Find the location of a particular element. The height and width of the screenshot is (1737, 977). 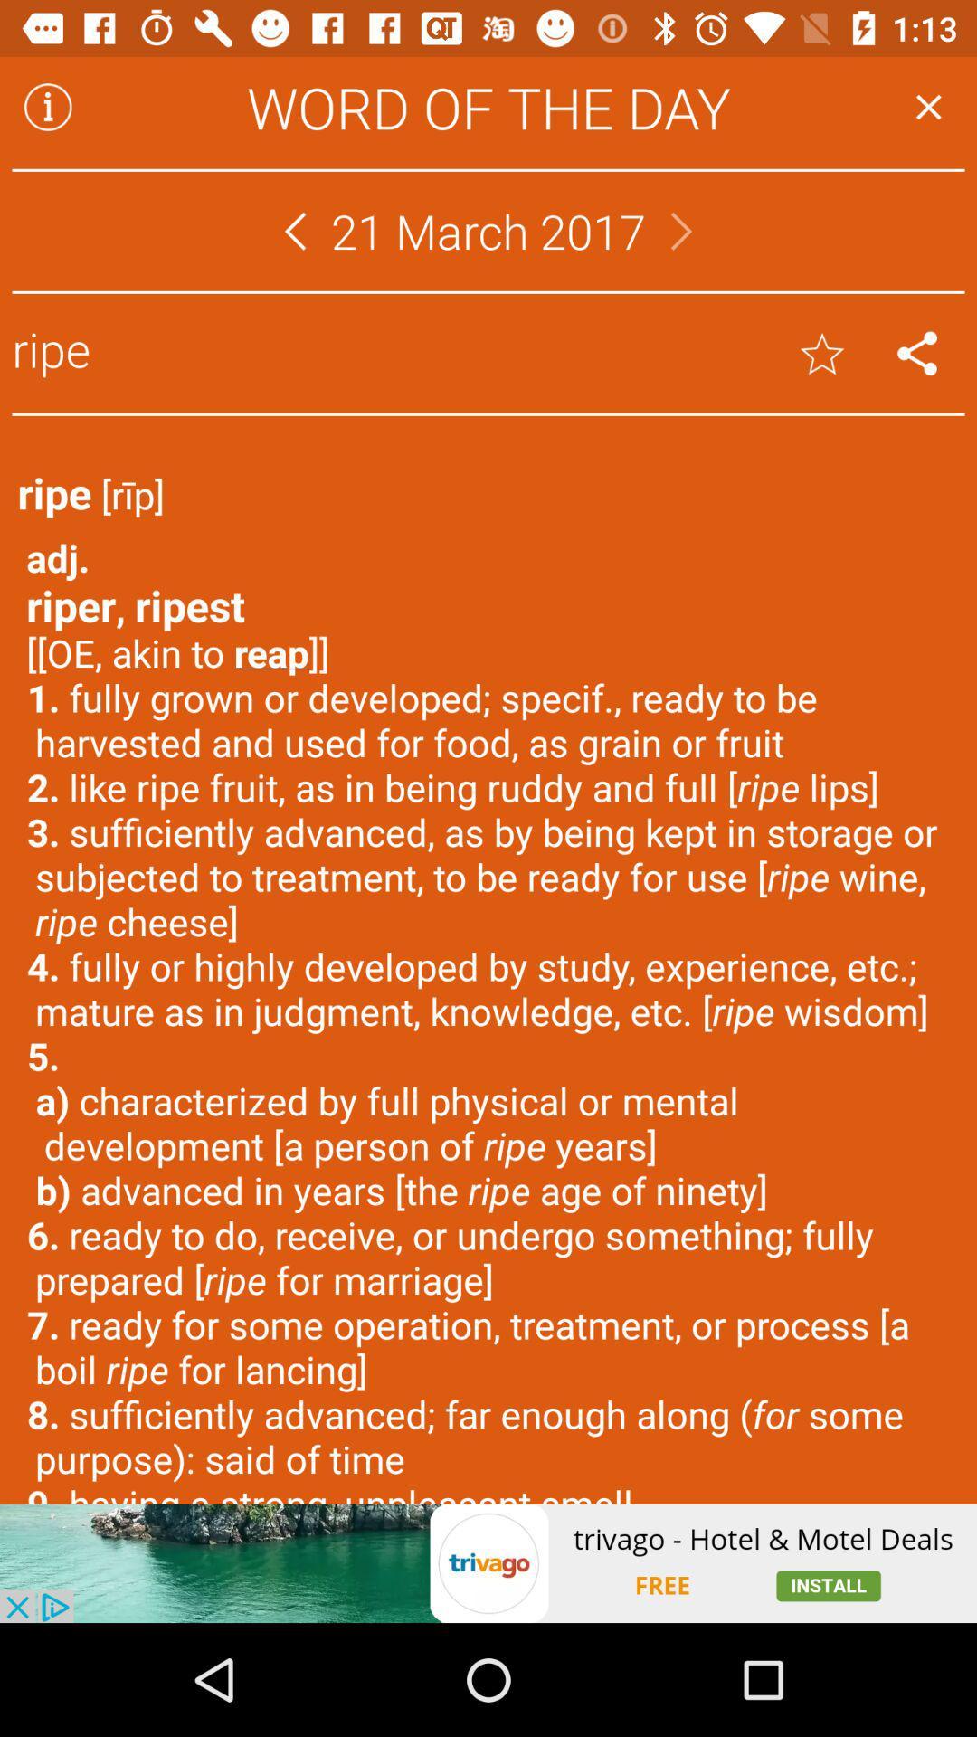

this is to share the article is located at coordinates (917, 353).